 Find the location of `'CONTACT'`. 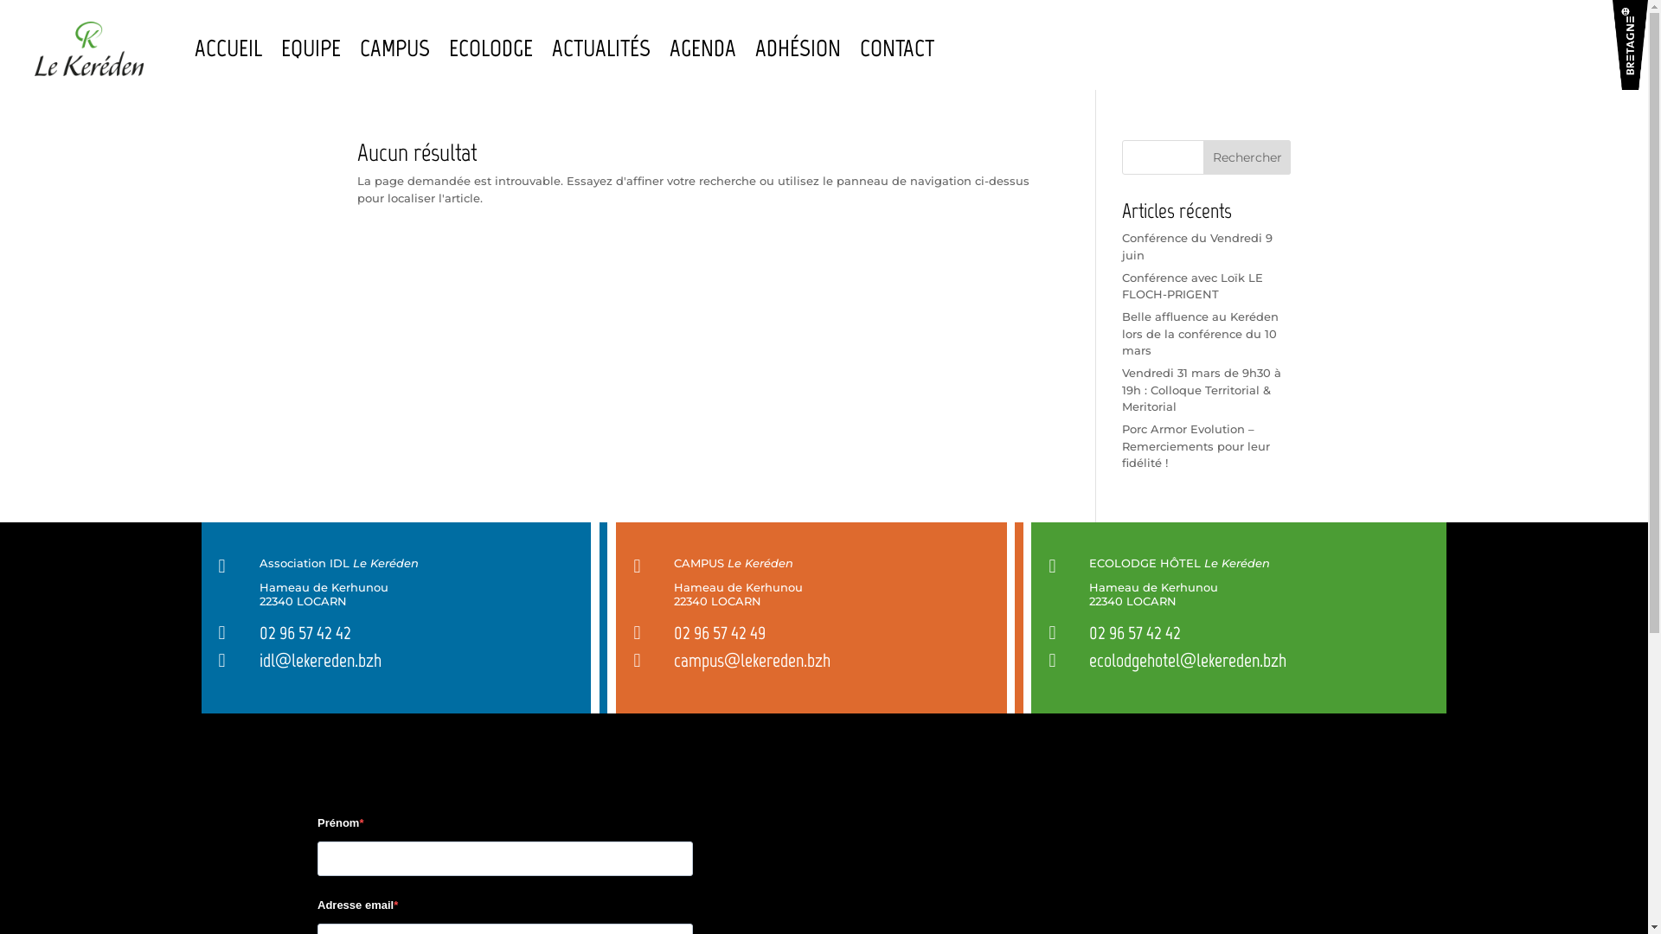

'CONTACT' is located at coordinates (859, 48).